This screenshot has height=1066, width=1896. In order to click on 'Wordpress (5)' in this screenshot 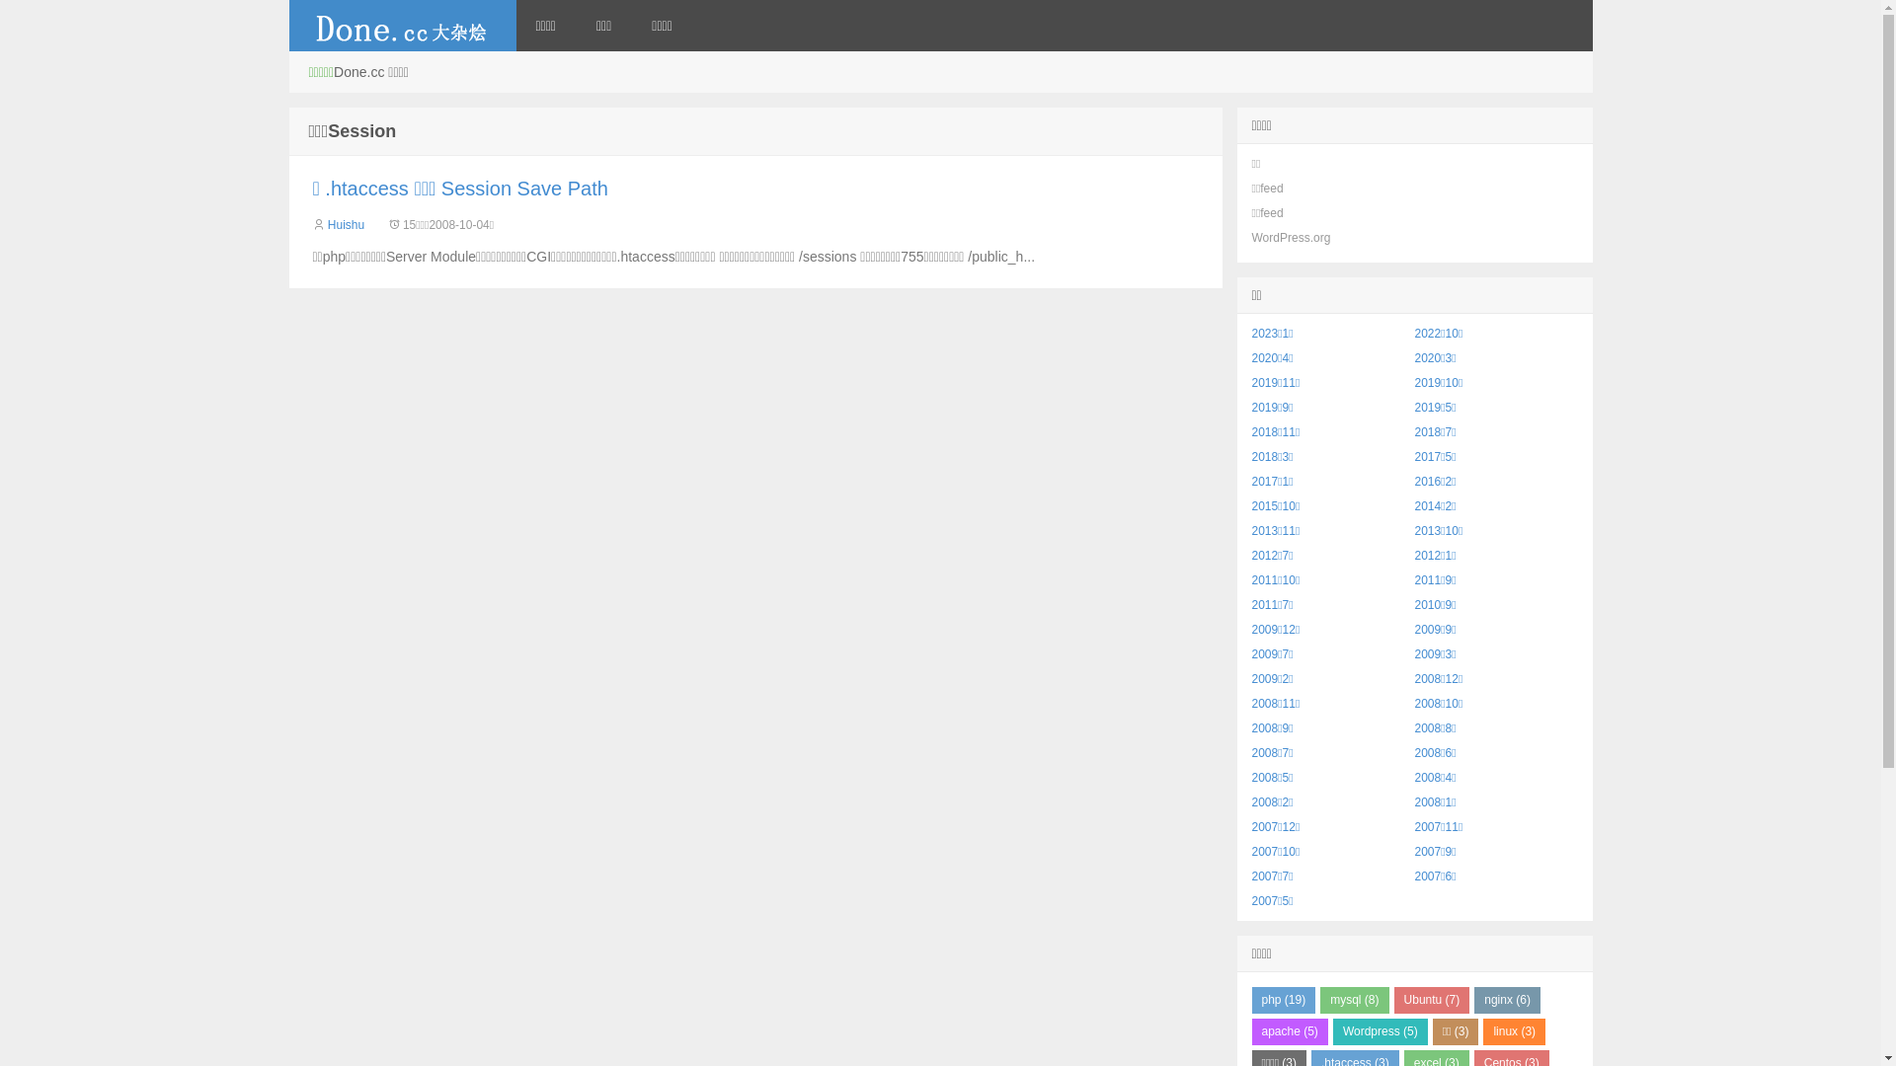, I will do `click(1379, 1030)`.